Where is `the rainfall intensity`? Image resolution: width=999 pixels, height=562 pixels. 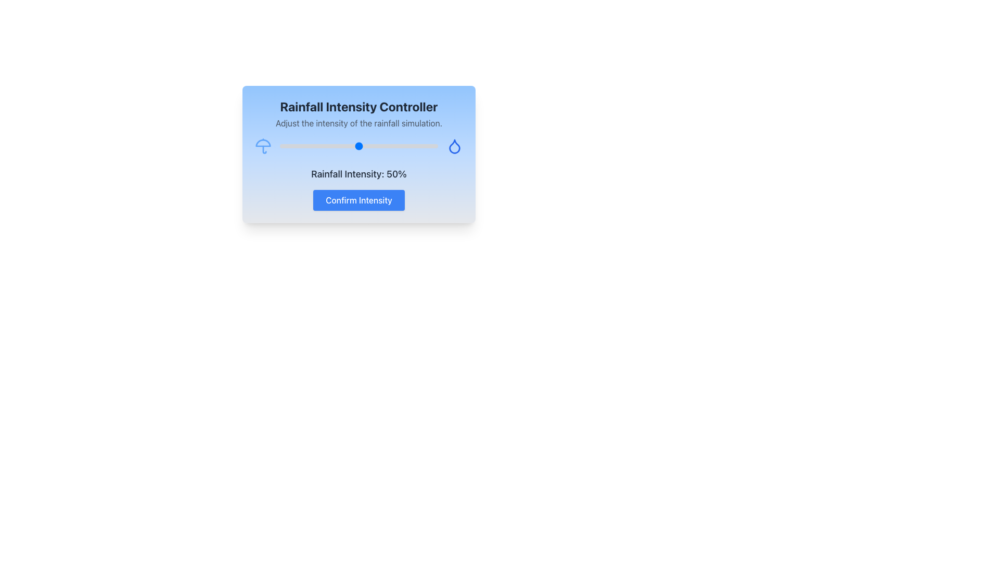
the rainfall intensity is located at coordinates (335, 146).